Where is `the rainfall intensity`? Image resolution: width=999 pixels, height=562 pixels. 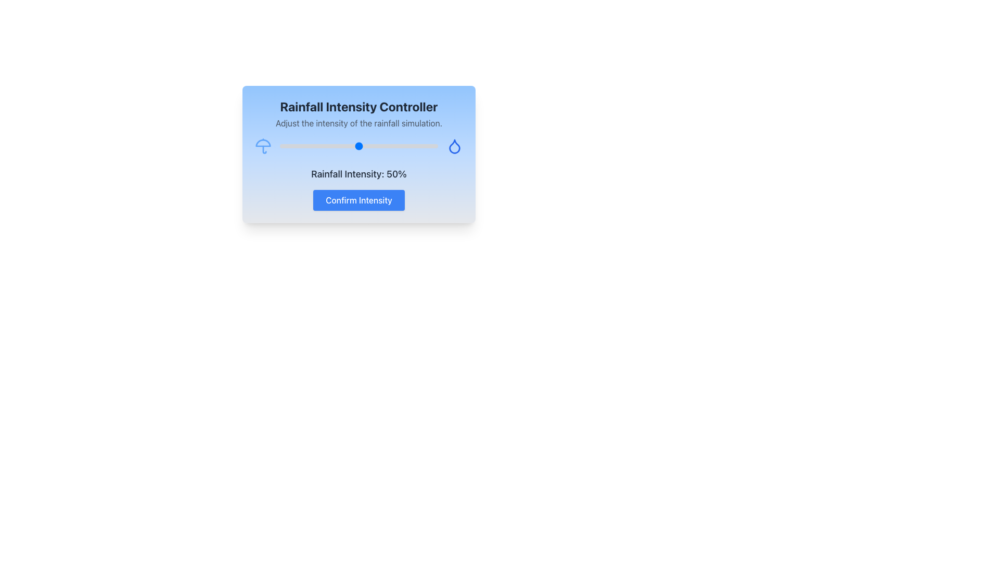
the rainfall intensity is located at coordinates (335, 146).